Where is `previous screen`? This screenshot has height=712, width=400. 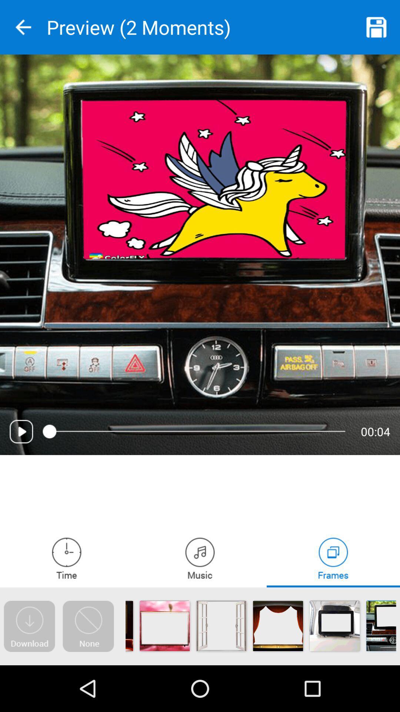
previous screen is located at coordinates (23, 27).